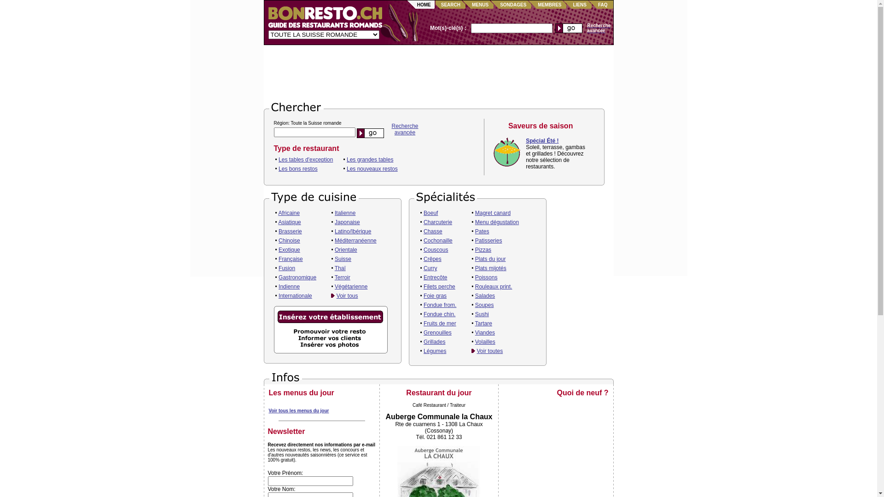 Image resolution: width=884 pixels, height=497 pixels. I want to click on 'Suisse', so click(334, 259).